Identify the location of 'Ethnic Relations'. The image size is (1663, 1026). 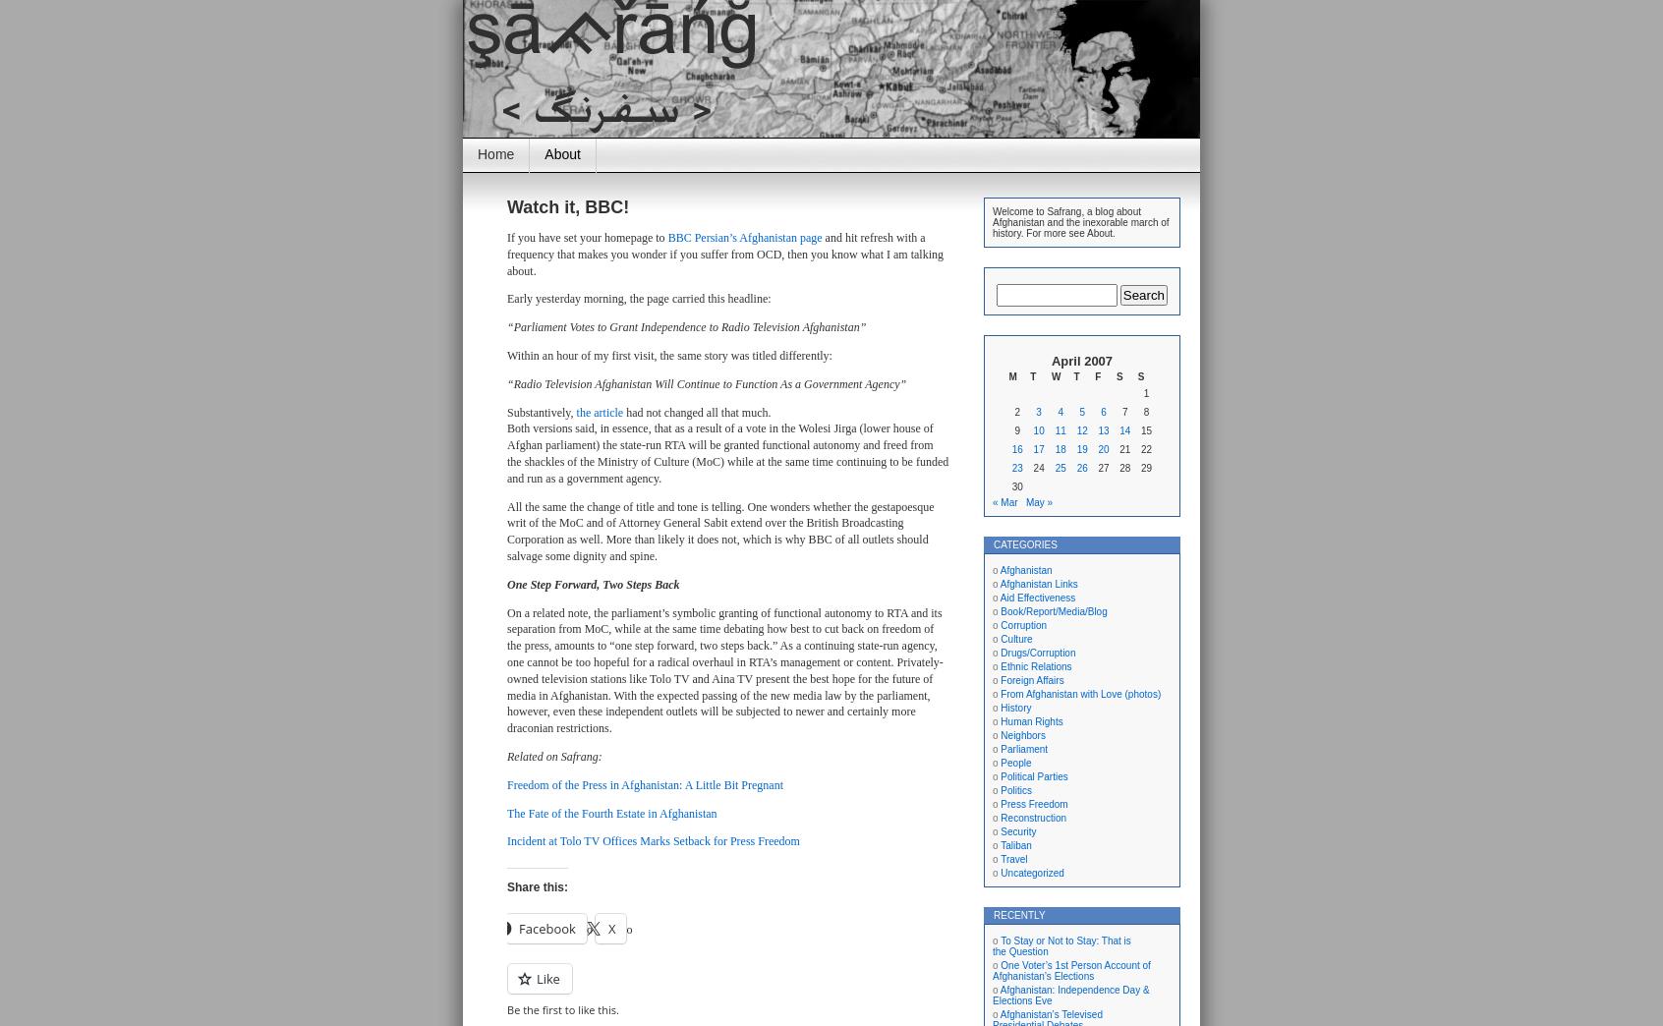
(1034, 665).